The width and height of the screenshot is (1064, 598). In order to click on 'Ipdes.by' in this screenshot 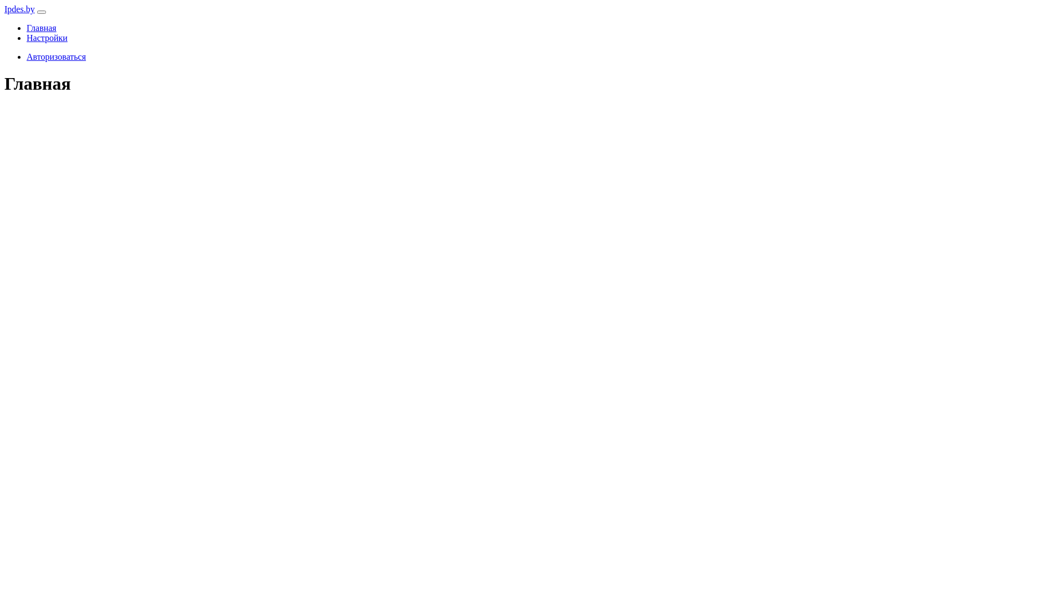, I will do `click(19, 9)`.